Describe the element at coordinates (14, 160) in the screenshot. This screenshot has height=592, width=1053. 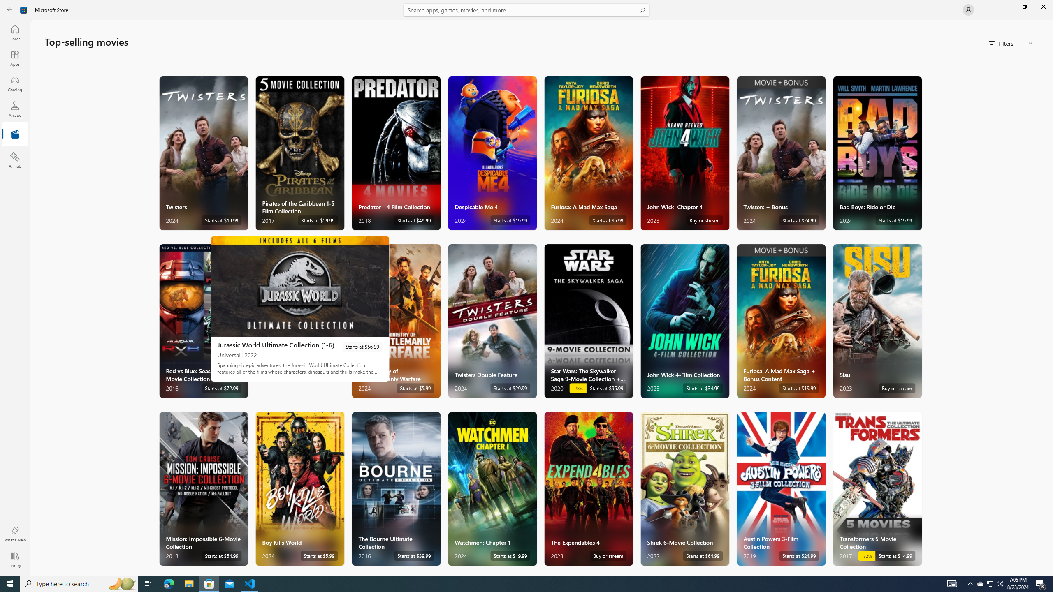
I see `'AI Hub'` at that location.